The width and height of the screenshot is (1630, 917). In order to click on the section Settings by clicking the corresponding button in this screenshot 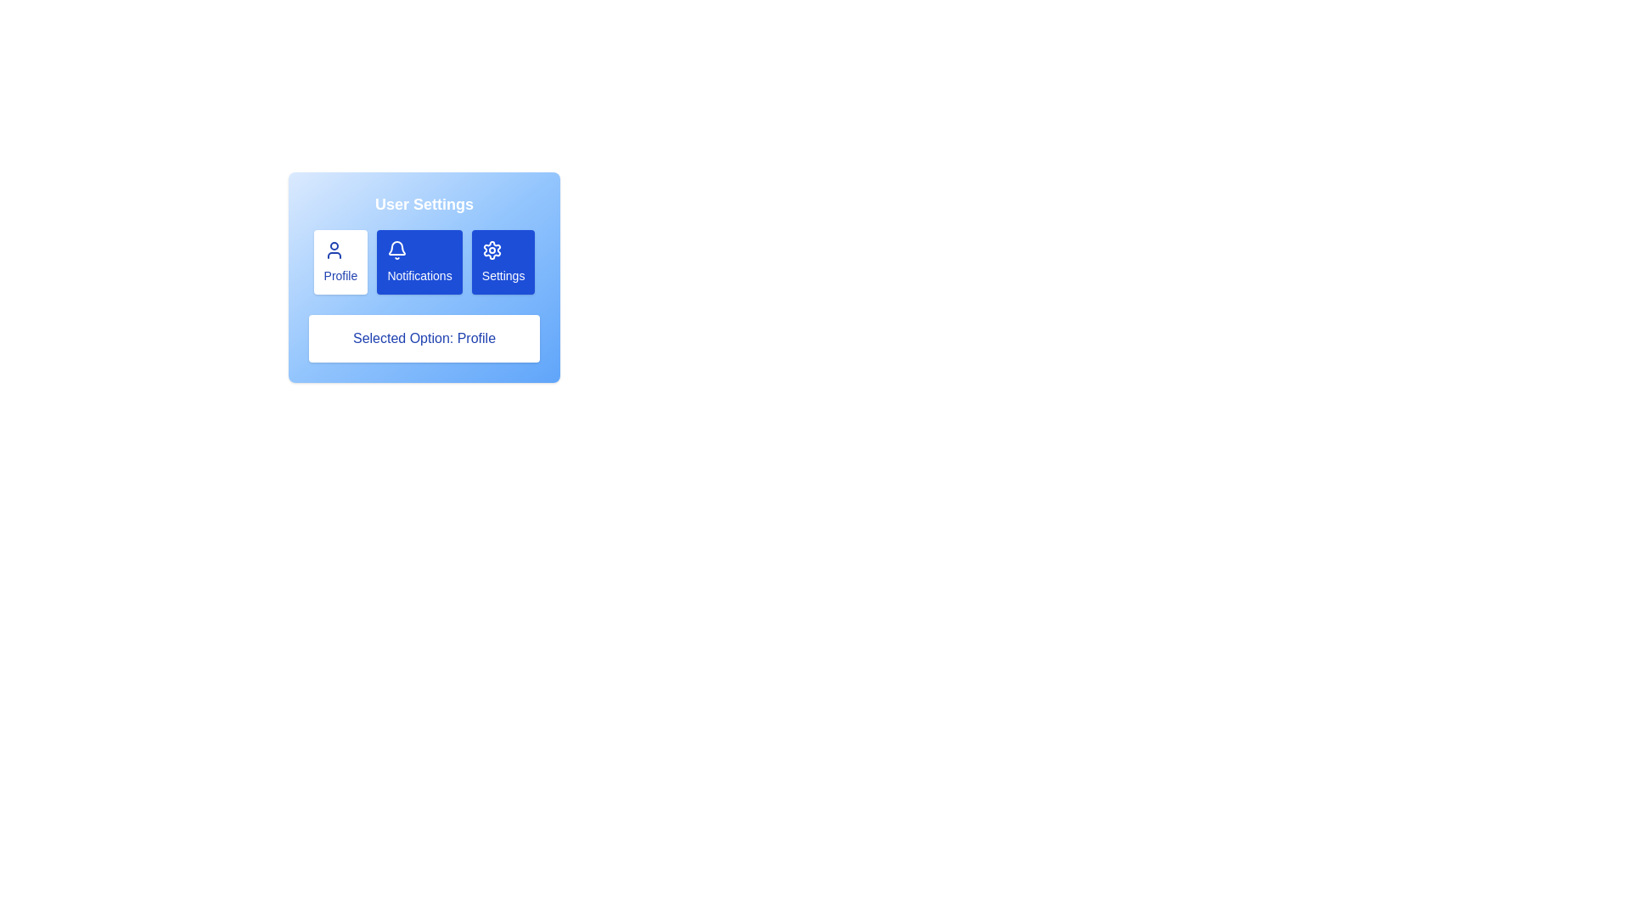, I will do `click(503, 262)`.